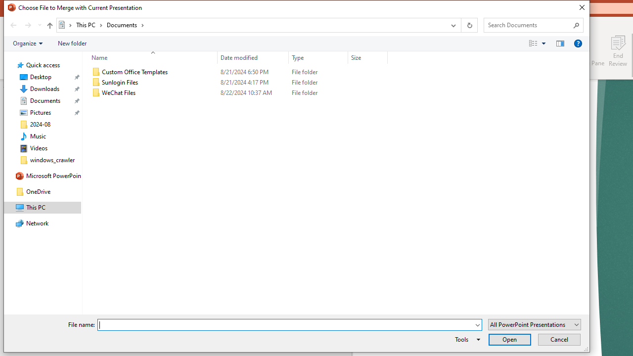 This screenshot has height=356, width=633. I want to click on 'Back (Alt + Left Arrow)', so click(13, 25).